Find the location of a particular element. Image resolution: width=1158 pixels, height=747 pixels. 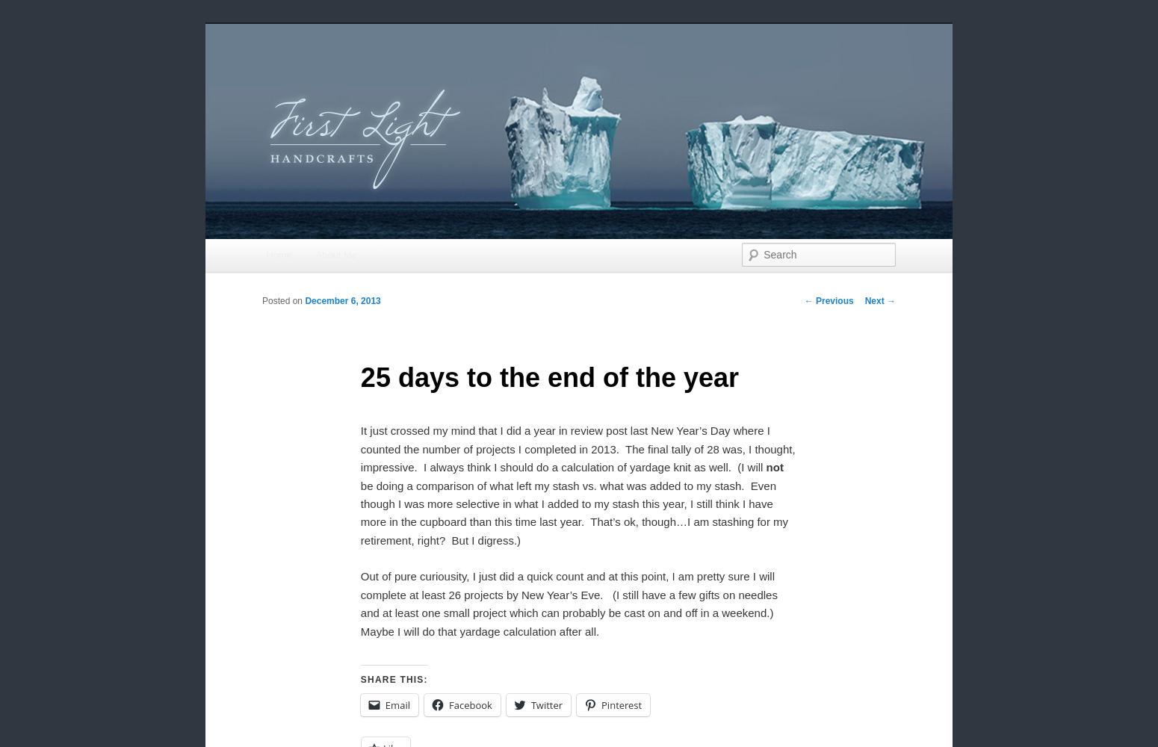

'Share this:' is located at coordinates (393, 679).